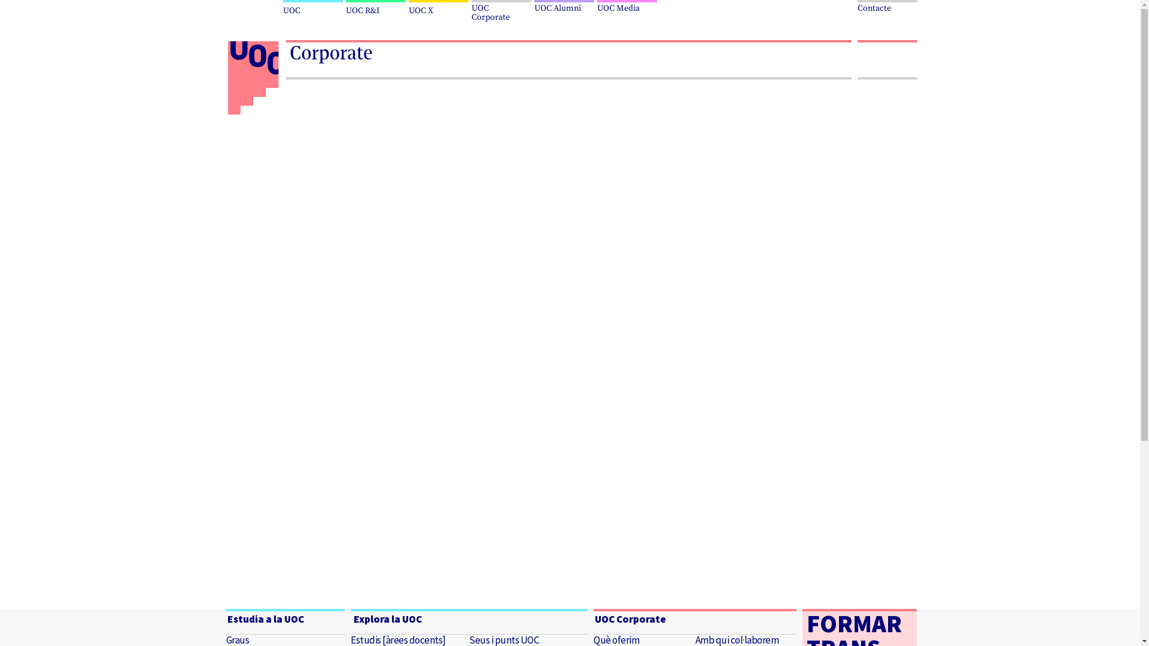  Describe the element at coordinates (887, 7) in the screenshot. I see `'Contacte'` at that location.